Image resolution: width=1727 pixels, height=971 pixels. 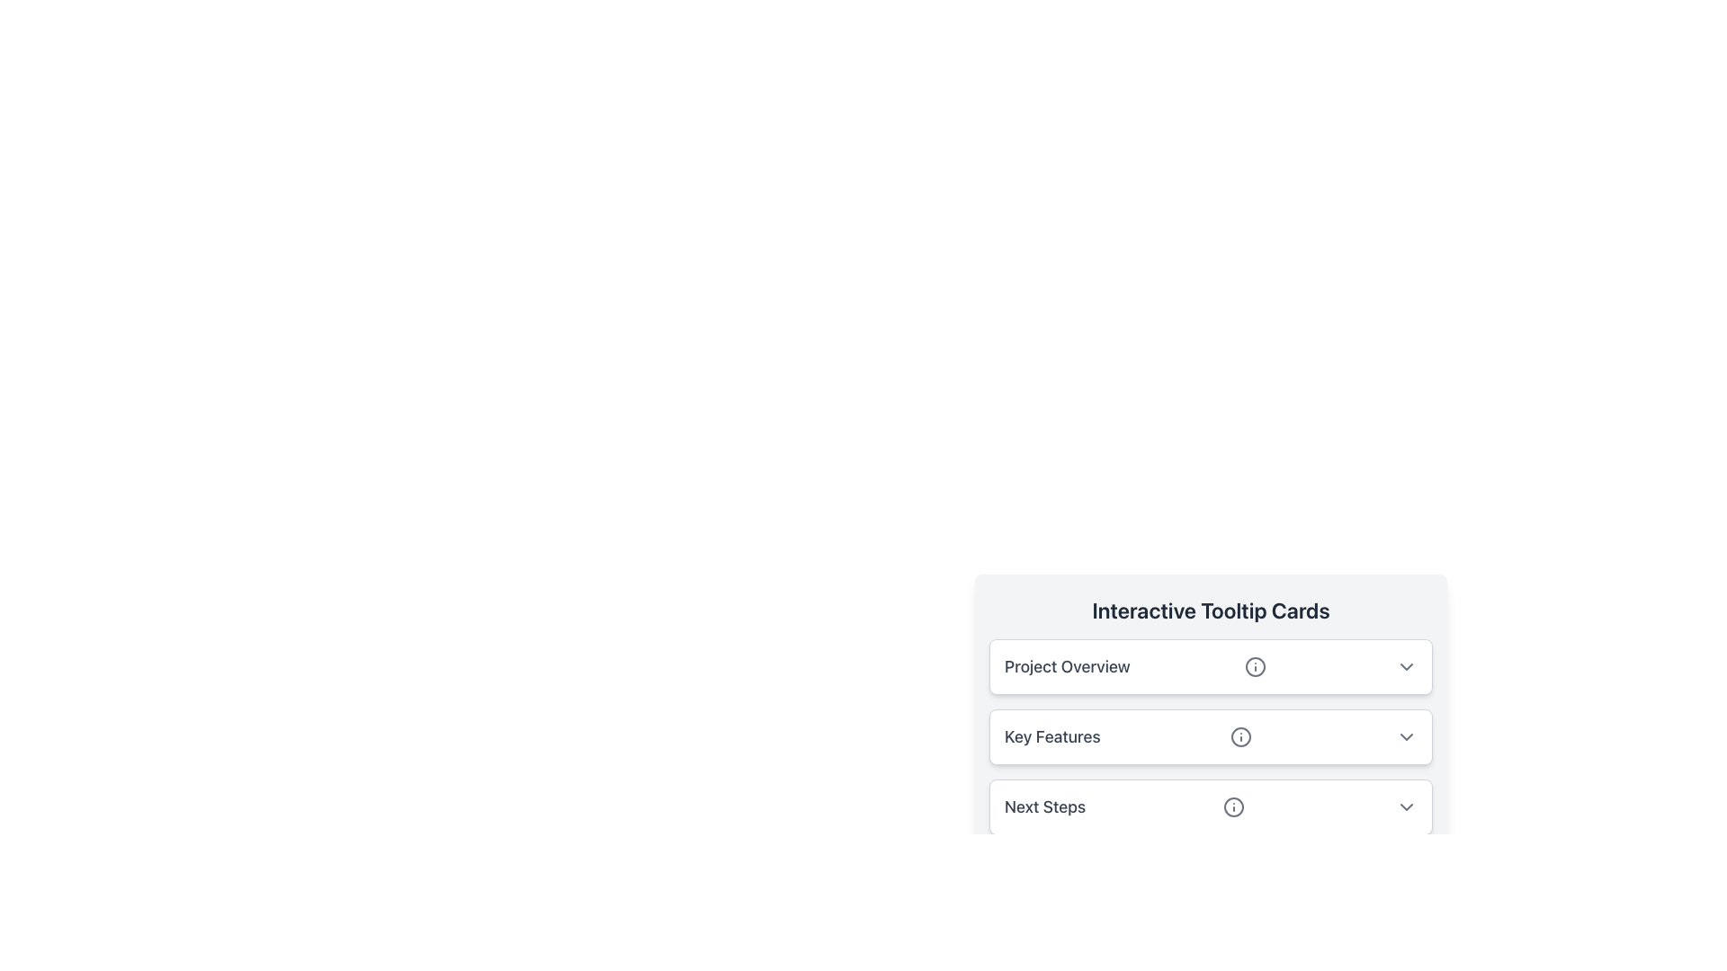 What do you see at coordinates (1406, 806) in the screenshot?
I see `the Icon button located at the right end of the 'Next Steps' section` at bounding box center [1406, 806].